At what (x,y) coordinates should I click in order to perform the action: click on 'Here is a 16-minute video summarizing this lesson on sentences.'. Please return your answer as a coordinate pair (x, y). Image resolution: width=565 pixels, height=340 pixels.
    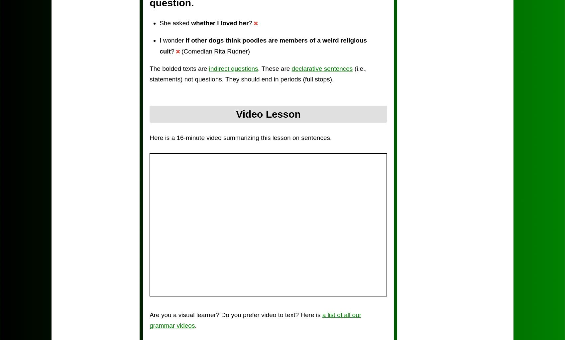
    Looking at the image, I should click on (241, 137).